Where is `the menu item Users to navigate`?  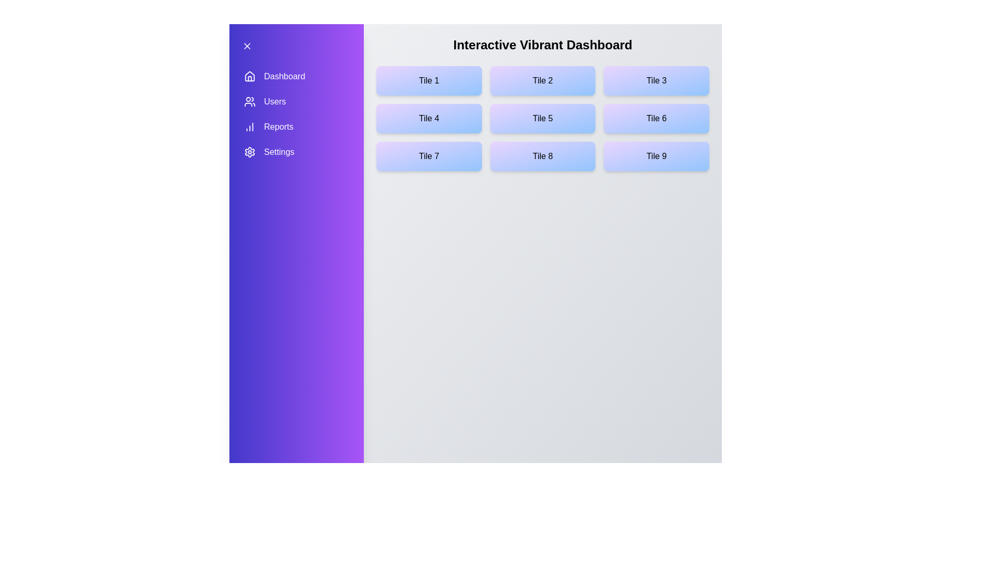
the menu item Users to navigate is located at coordinates (296, 101).